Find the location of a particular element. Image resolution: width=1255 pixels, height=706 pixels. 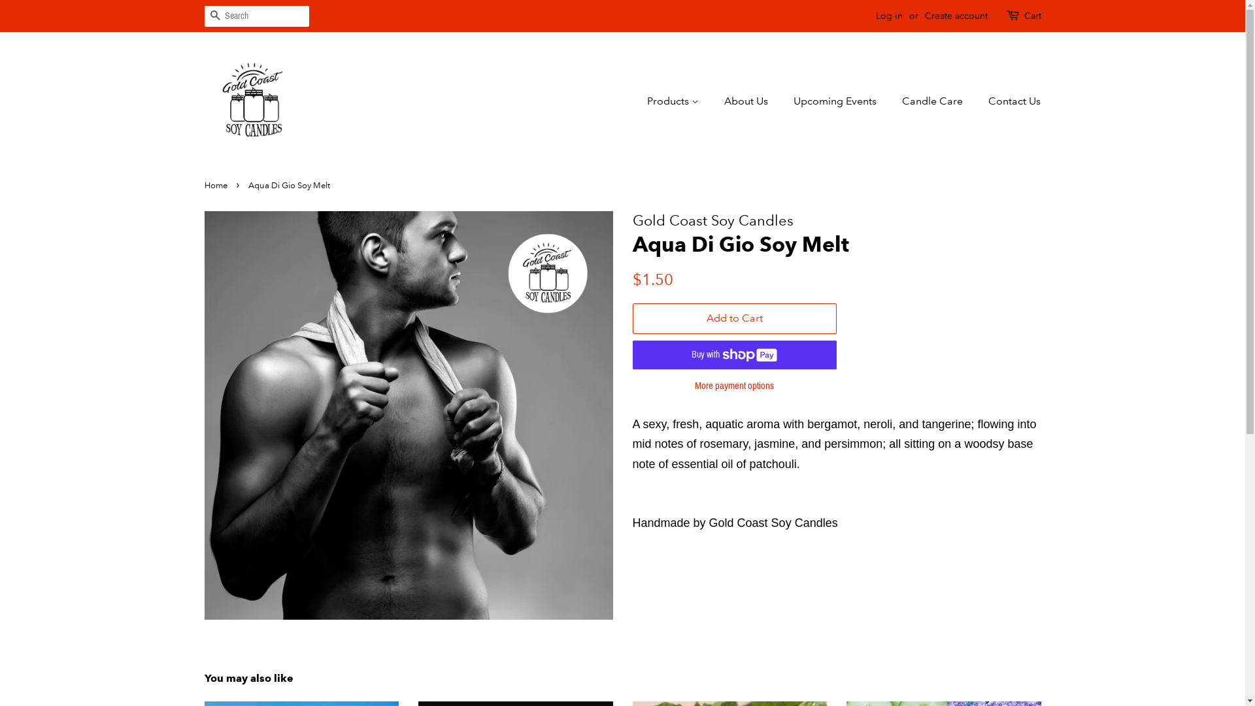

'Products' is located at coordinates (679, 100).